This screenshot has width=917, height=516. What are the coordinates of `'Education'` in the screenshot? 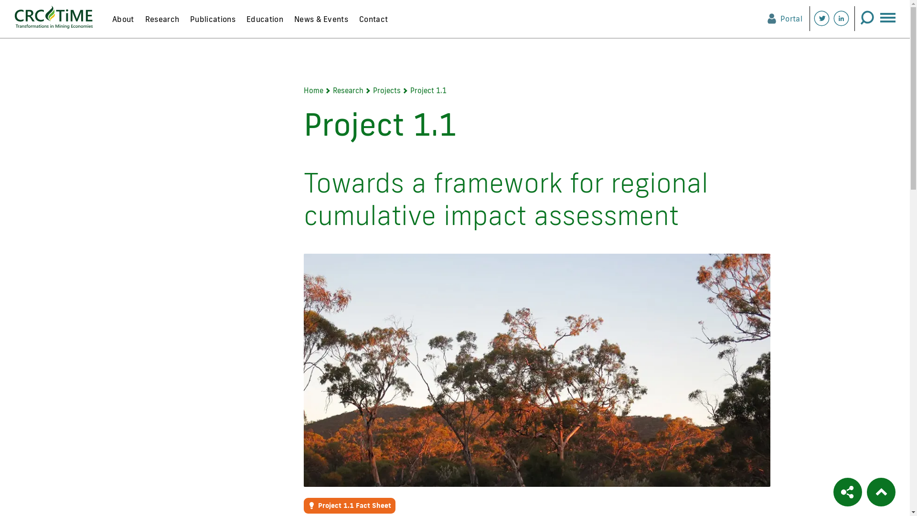 It's located at (264, 23).